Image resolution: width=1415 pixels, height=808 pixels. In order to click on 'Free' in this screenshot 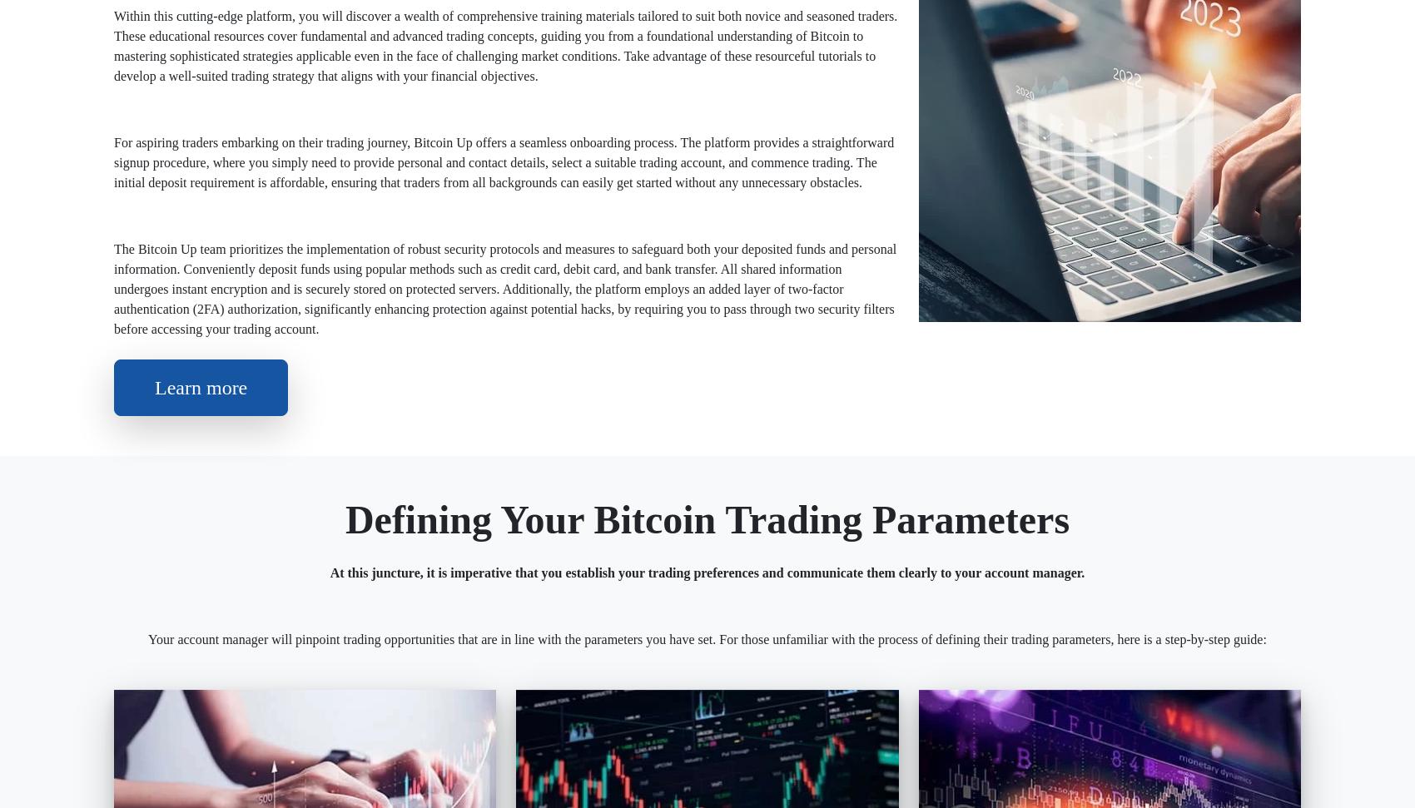, I will do `click(485, 202)`.